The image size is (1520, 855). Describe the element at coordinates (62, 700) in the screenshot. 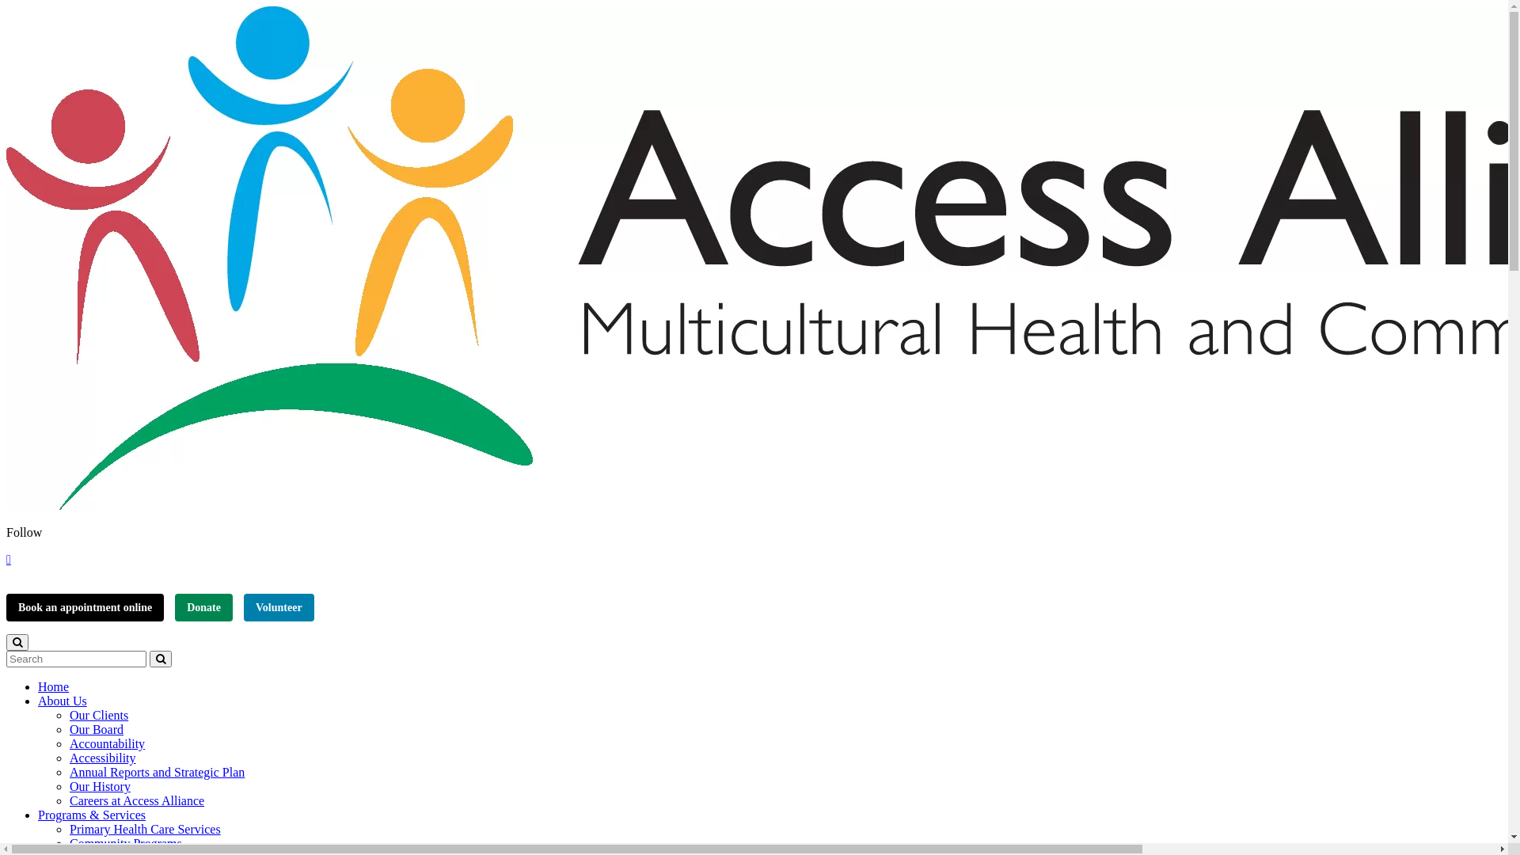

I see `'About Us'` at that location.